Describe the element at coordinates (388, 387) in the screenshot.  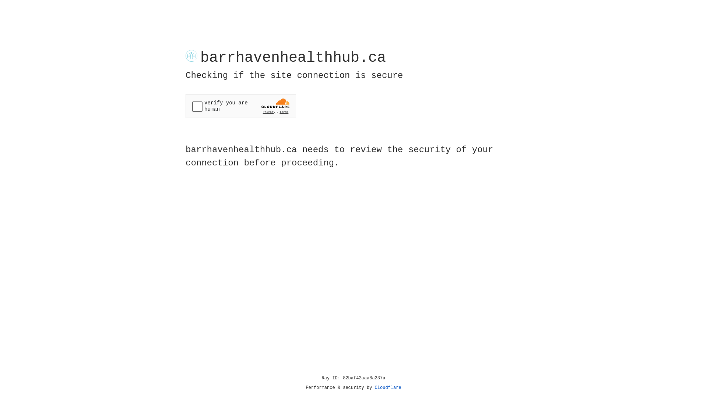
I see `'Cloudflare'` at that location.